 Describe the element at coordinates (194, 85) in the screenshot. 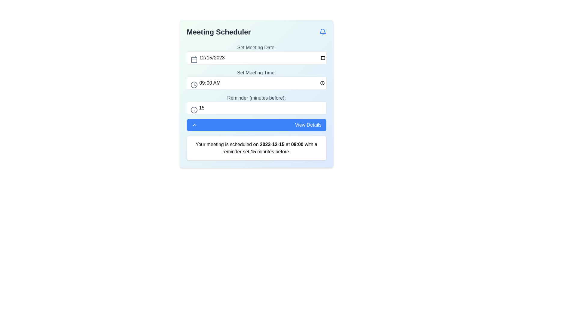

I see `the circular graphical element representing the time indicator within the clock icon next to the '09:00 AM' time selection input field under the 'Set Meeting Time' heading` at that location.